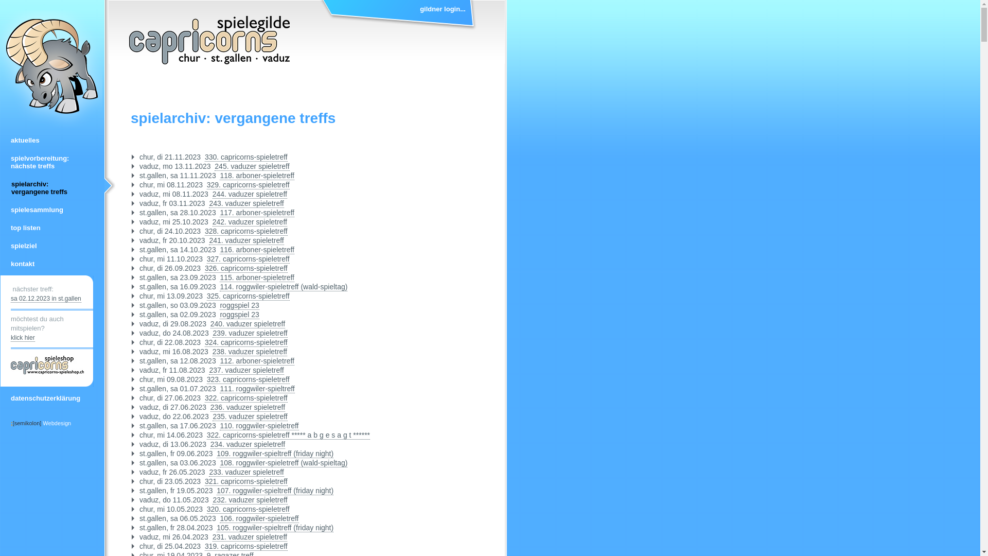 The image size is (988, 556). I want to click on 'top listen', so click(51, 227).